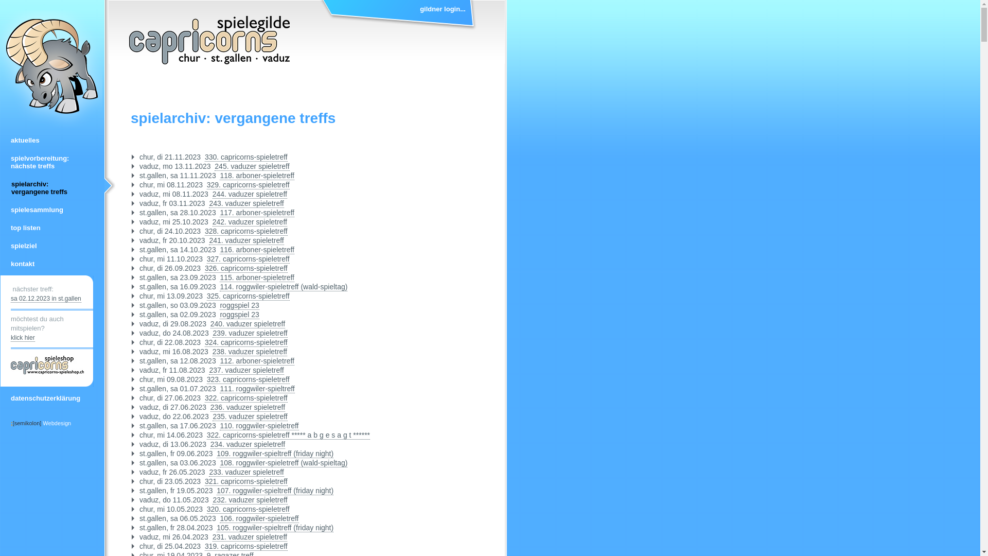 The image size is (988, 556). I want to click on 'top listen', so click(51, 227).